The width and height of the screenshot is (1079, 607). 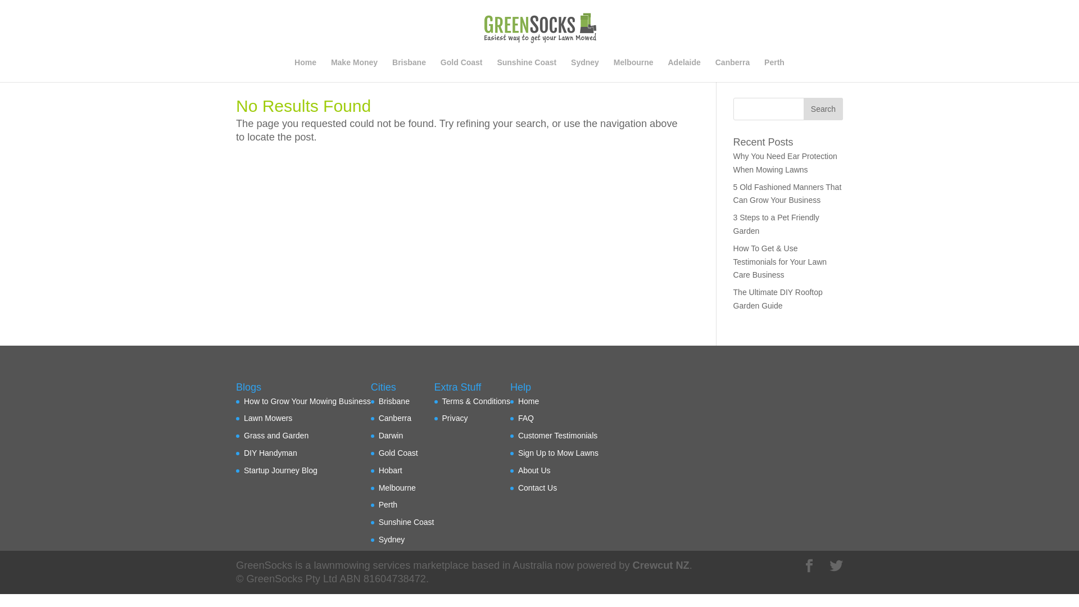 What do you see at coordinates (455, 418) in the screenshot?
I see `'Privacy'` at bounding box center [455, 418].